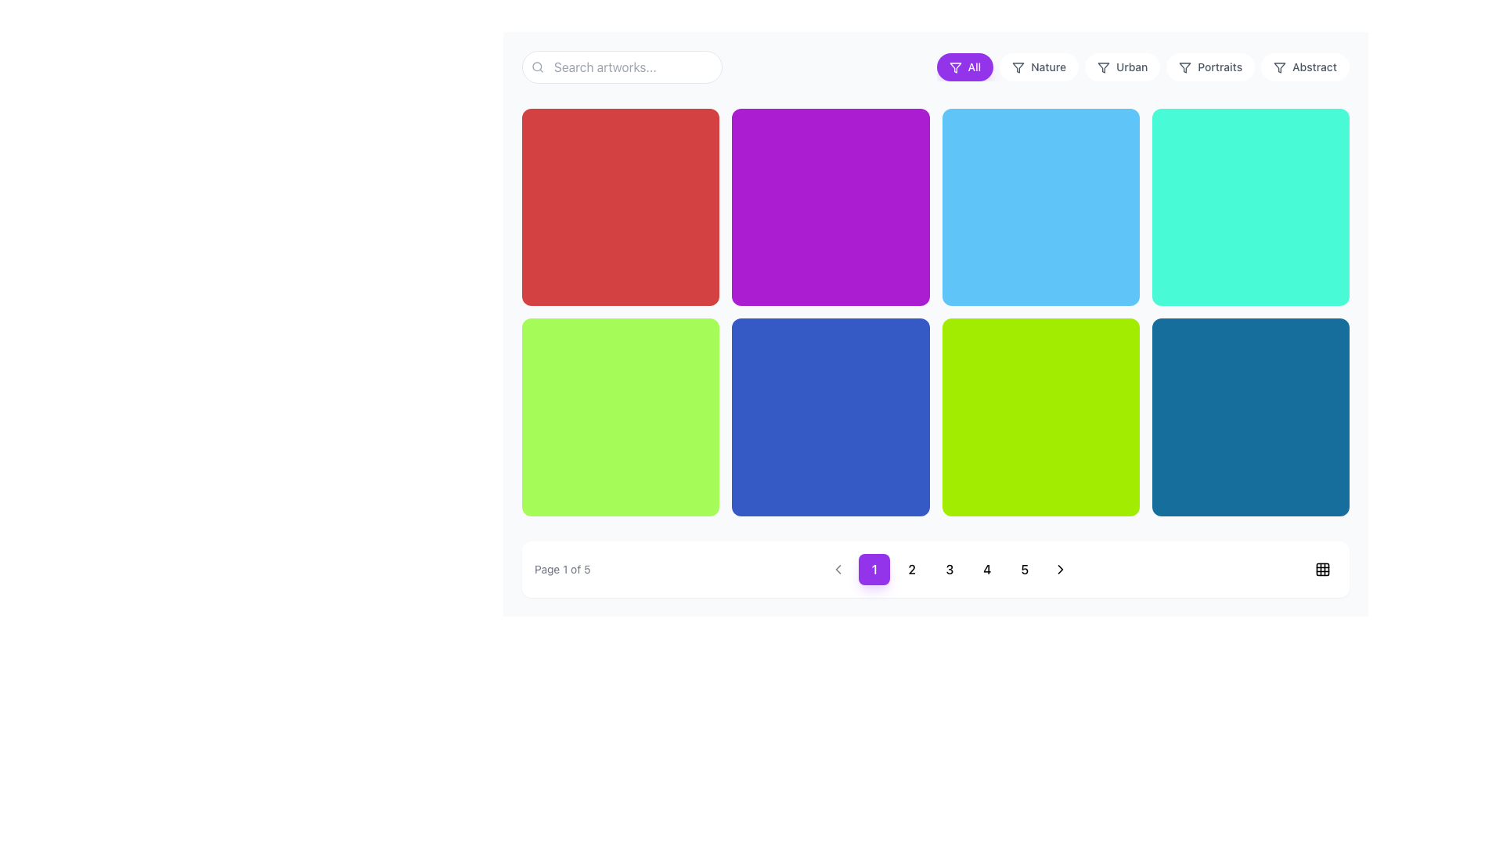  Describe the element at coordinates (1040, 207) in the screenshot. I see `the third card element in the grid layout, which serves as a visual representation or navigation point within the art gallery interface` at that location.